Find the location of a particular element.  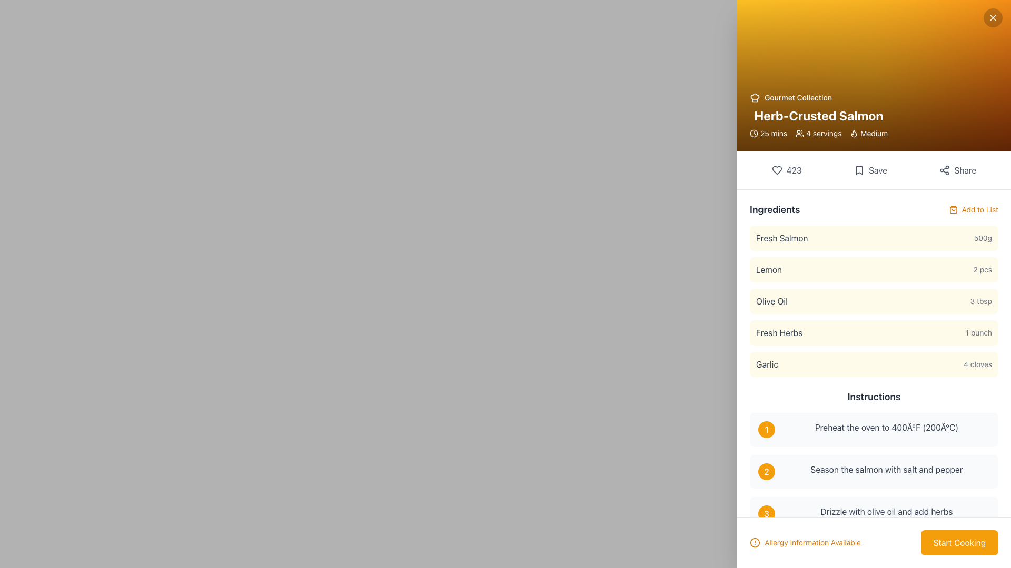

the text label displaying the ingredient 'Garlic', which is part of a list of ingredients and positioned next to '4 cloves' is located at coordinates (767, 364).